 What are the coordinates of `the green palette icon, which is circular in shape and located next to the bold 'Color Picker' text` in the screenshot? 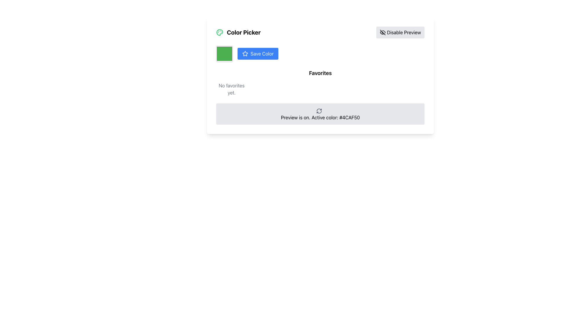 It's located at (220, 32).